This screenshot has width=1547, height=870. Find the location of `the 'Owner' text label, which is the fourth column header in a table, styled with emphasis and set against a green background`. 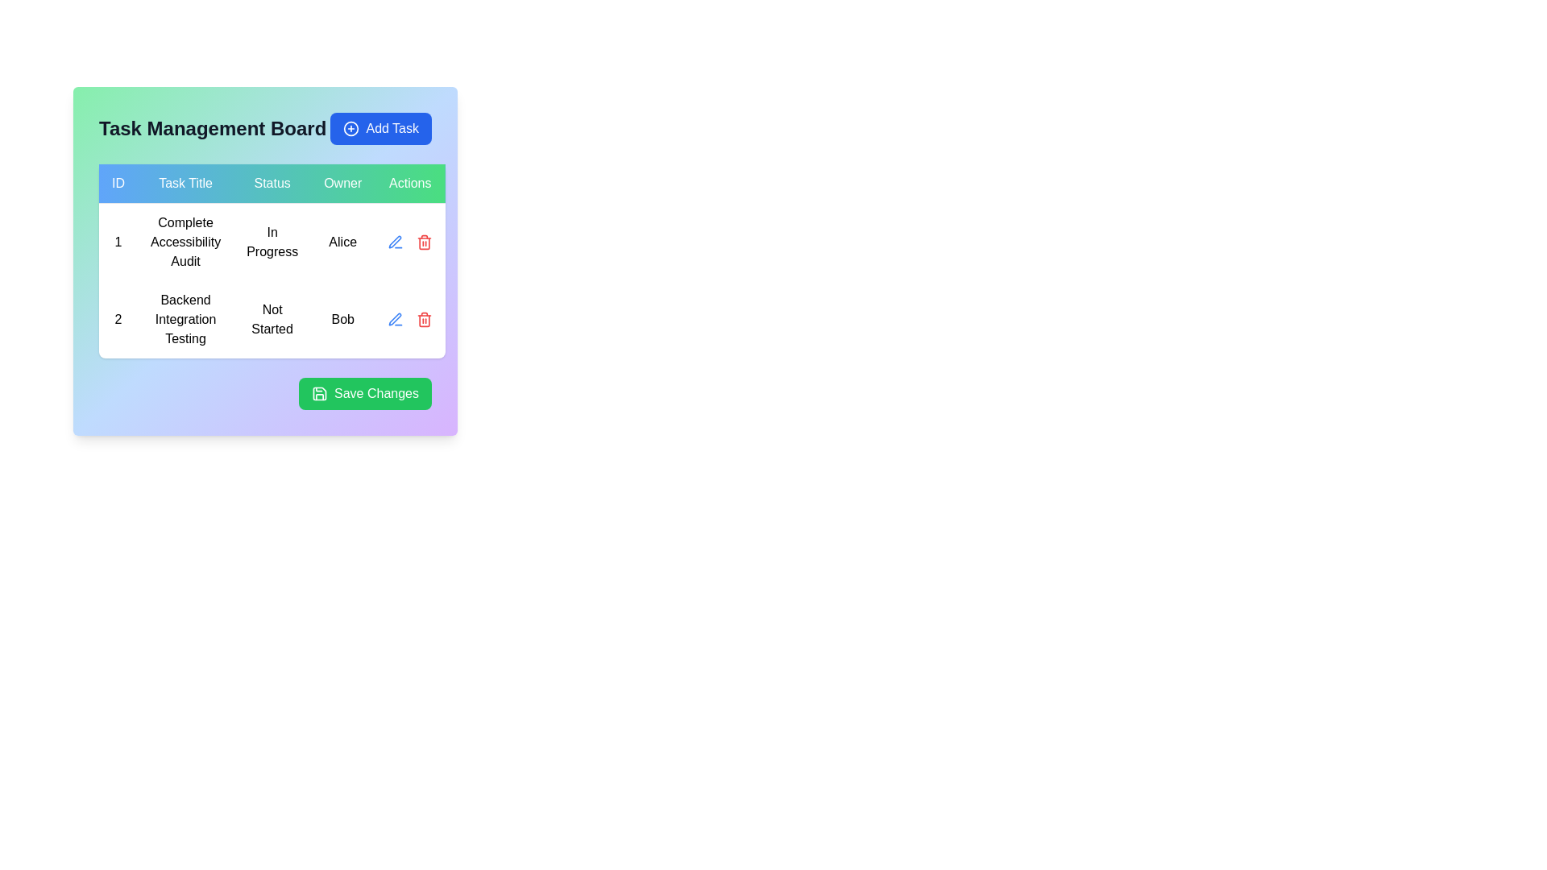

the 'Owner' text label, which is the fourth column header in a table, styled with emphasis and set against a green background is located at coordinates (342, 183).